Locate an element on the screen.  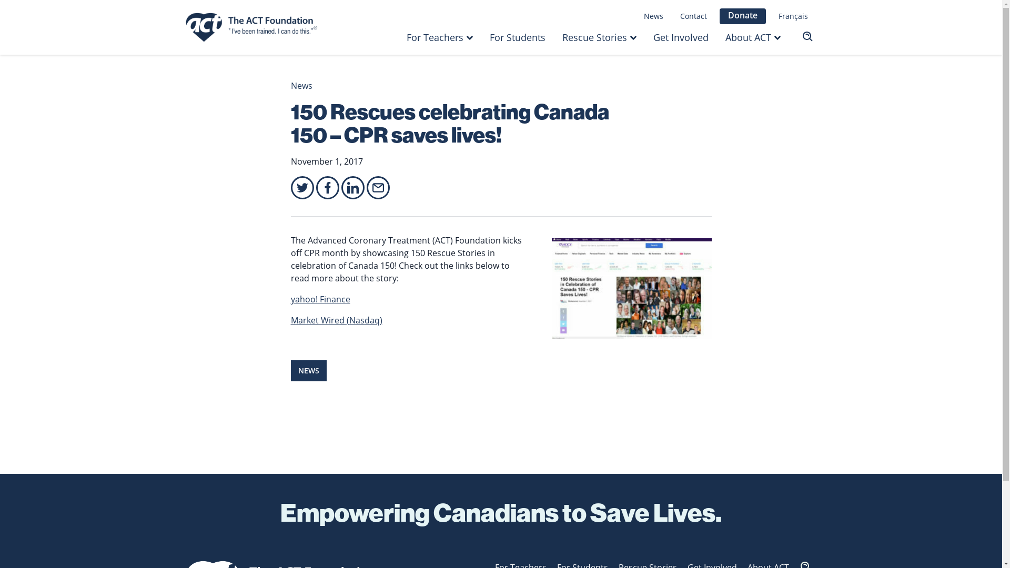
'Get Involved' is located at coordinates (681, 36).